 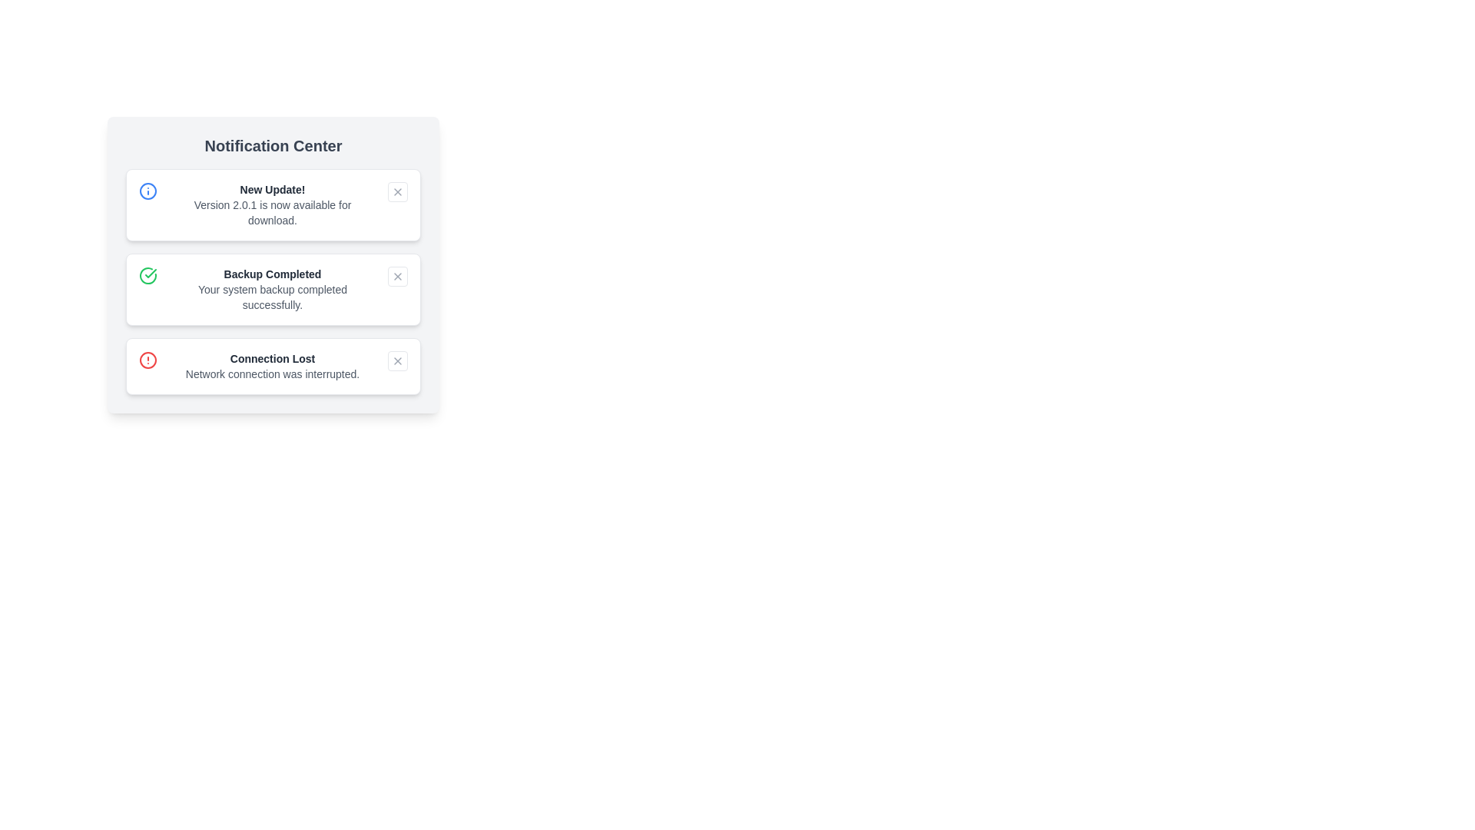 What do you see at coordinates (273, 358) in the screenshot?
I see `the status of the notification` at bounding box center [273, 358].